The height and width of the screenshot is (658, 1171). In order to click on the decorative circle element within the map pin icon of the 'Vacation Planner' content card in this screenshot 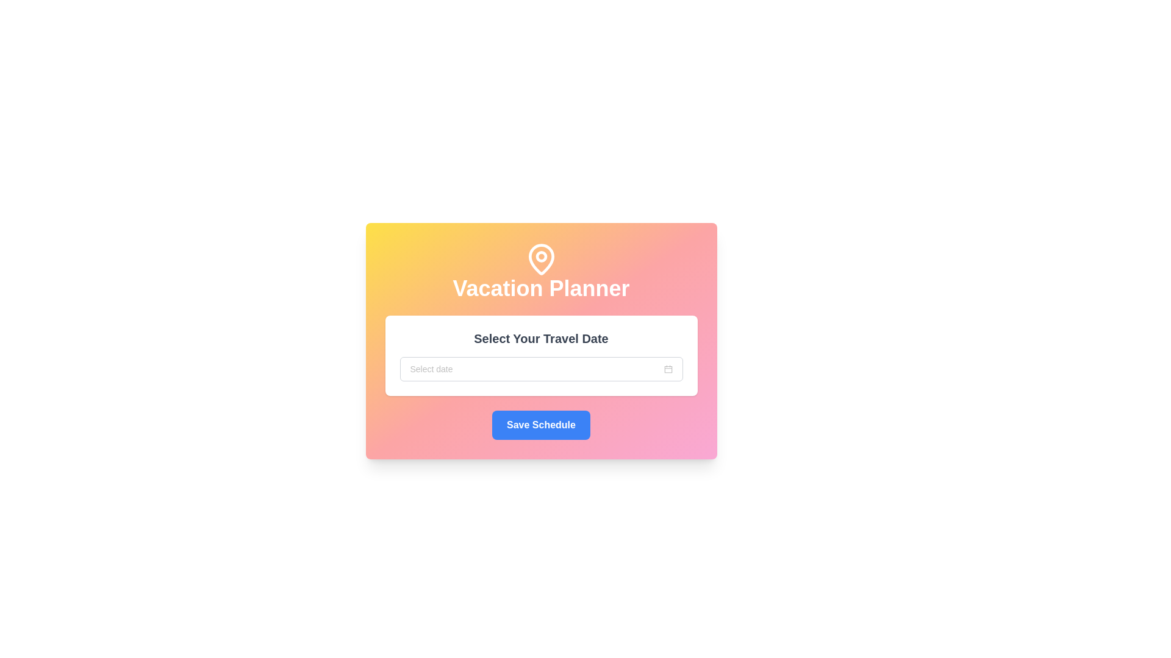, I will do `click(540, 256)`.